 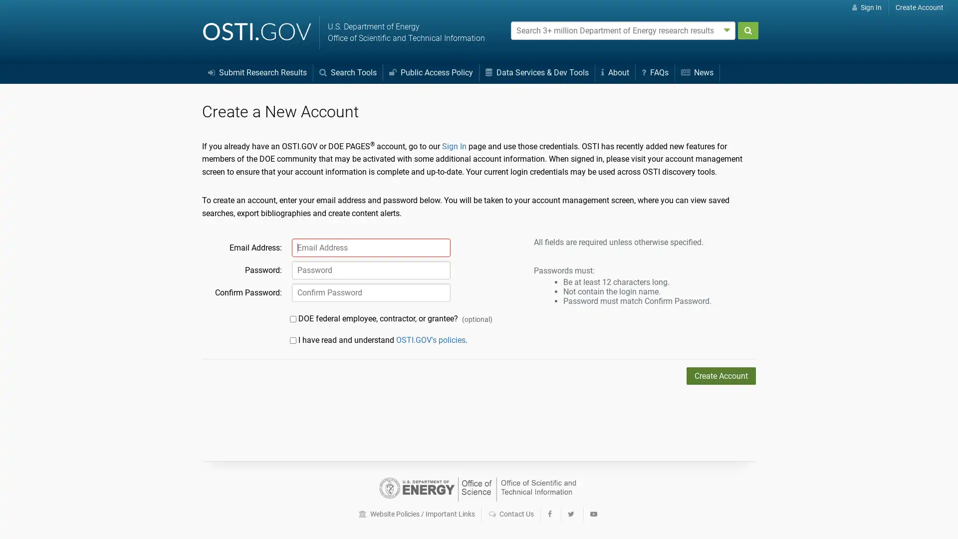 I want to click on Submit, so click(x=747, y=30).